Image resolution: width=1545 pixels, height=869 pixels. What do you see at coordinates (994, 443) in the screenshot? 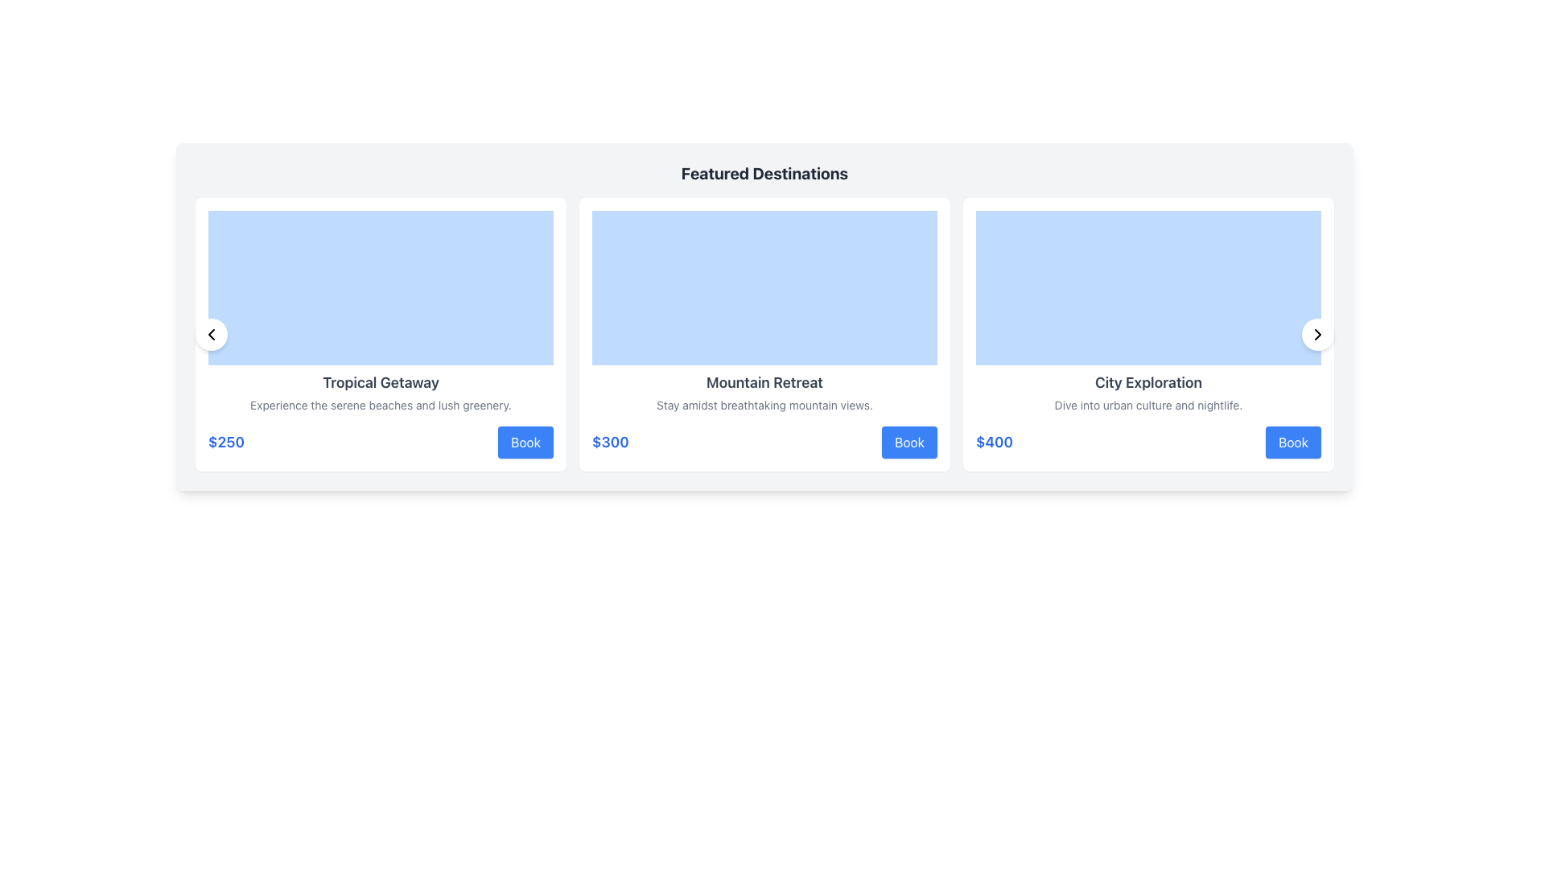
I see `the bold blue price label displaying '$400' located in the rightmost product card under 'Featured Destinations', positioned below the descriptive text and to the left of the 'Book' button` at bounding box center [994, 443].